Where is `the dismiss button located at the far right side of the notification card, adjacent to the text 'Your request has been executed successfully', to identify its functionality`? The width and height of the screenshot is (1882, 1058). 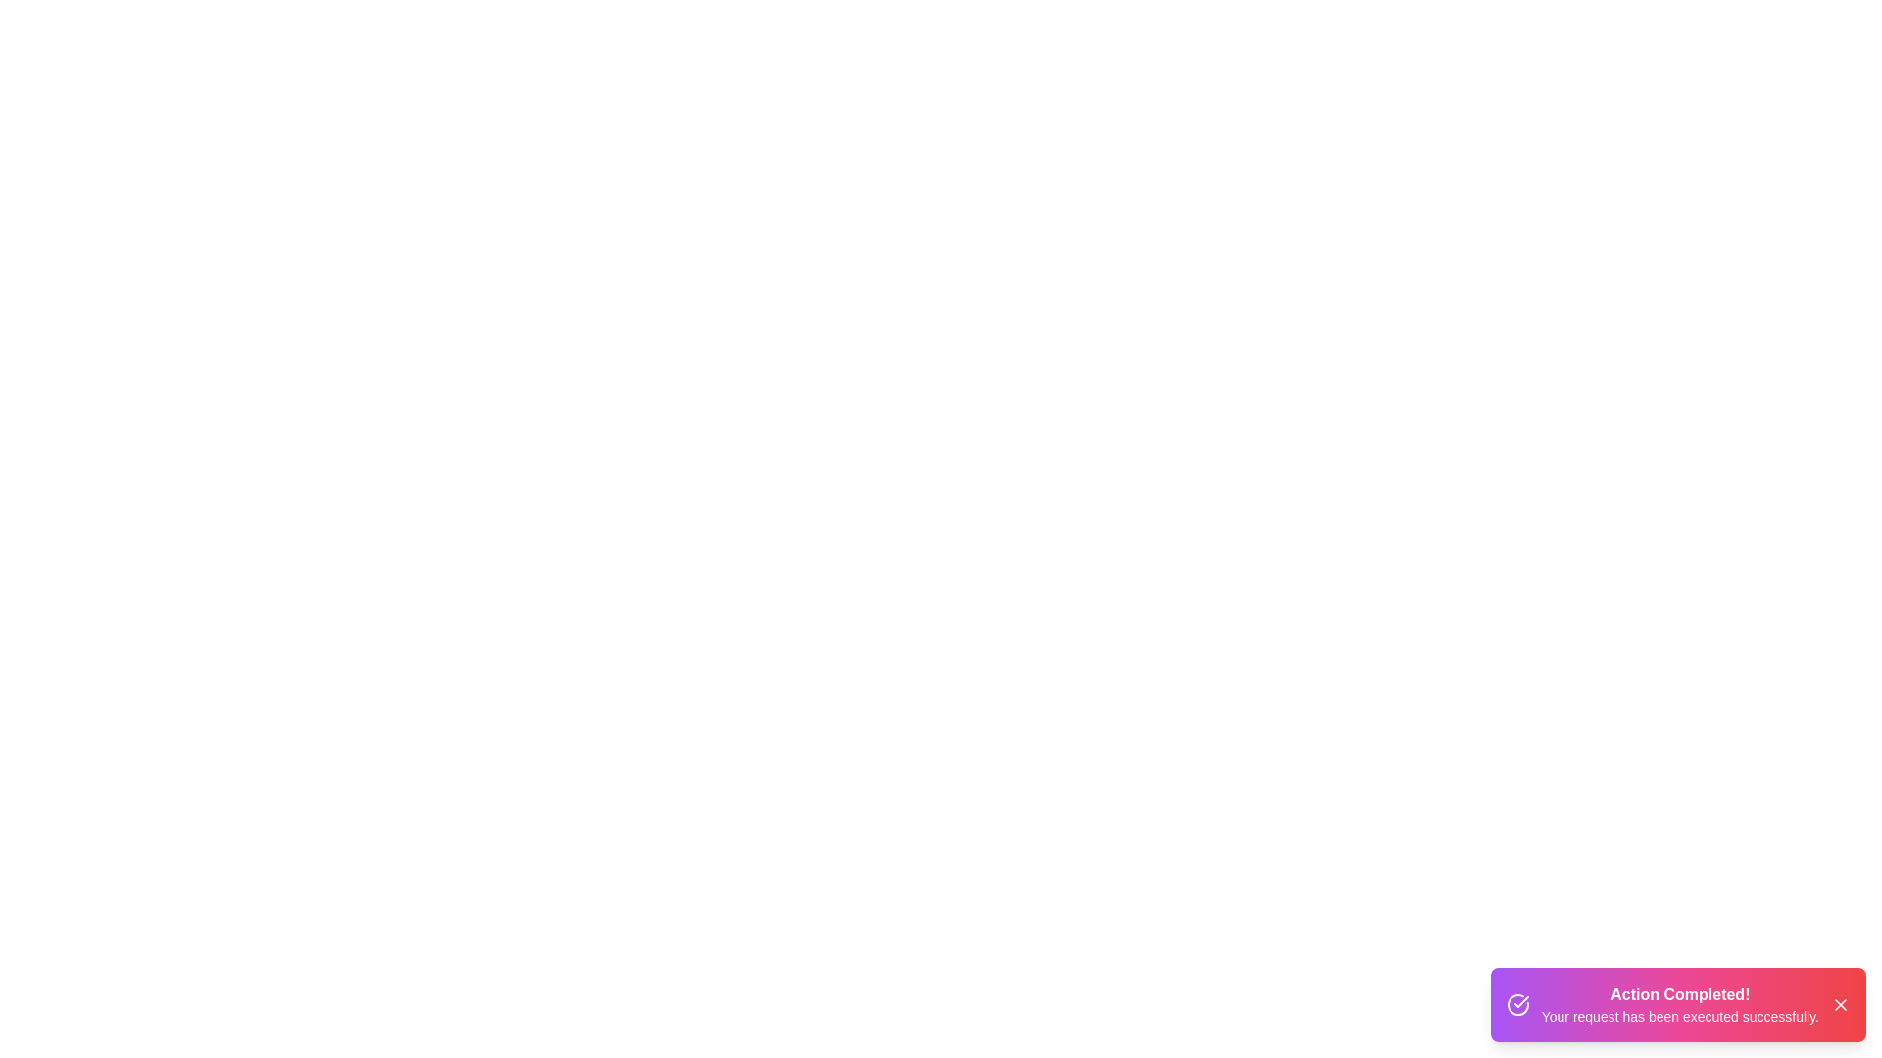 the dismiss button located at the far right side of the notification card, adjacent to the text 'Your request has been executed successfully', to identify its functionality is located at coordinates (1839, 1005).